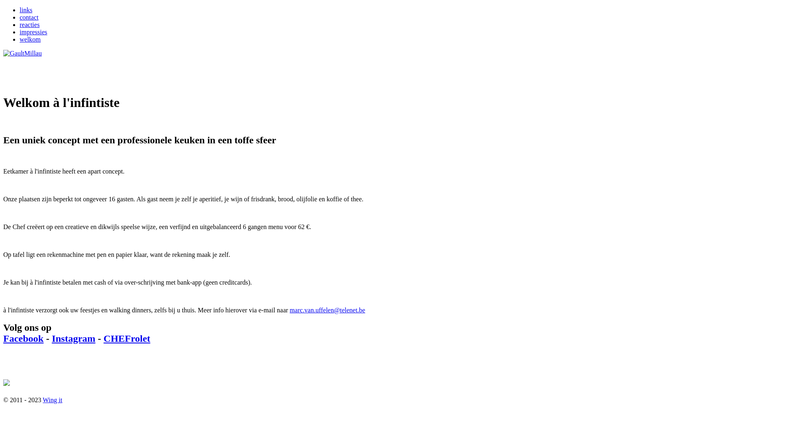 The height and width of the screenshot is (441, 785). I want to click on 'reacties', so click(20, 24).